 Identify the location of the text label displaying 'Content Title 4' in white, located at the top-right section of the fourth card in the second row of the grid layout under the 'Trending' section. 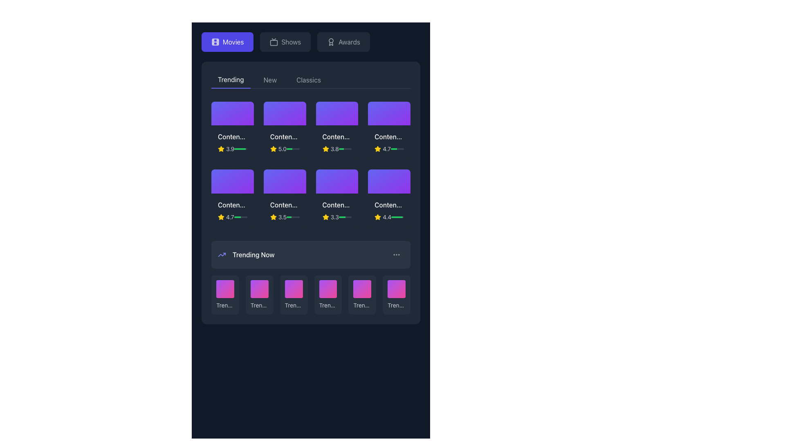
(389, 136).